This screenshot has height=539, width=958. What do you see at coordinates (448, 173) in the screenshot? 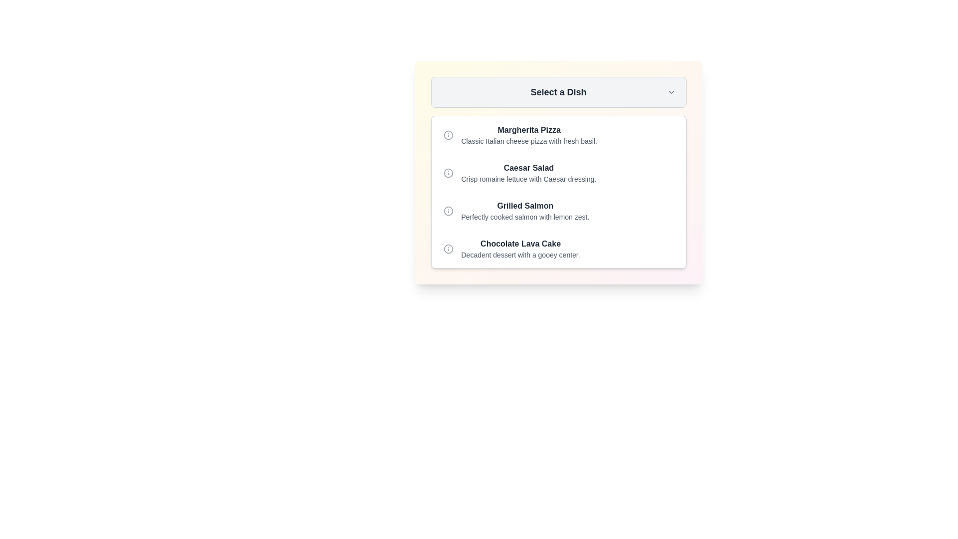
I see `the informational icon located to the left of the 'Caesar Salad' text block` at bounding box center [448, 173].